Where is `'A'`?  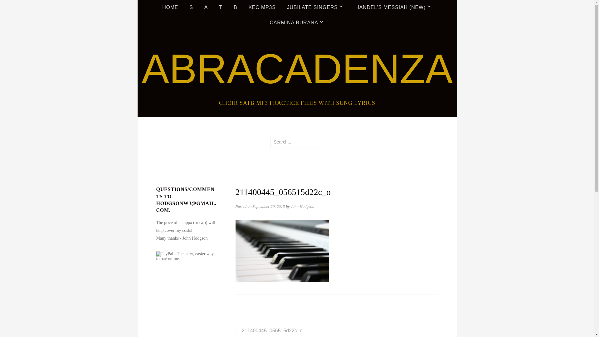
'A' is located at coordinates (206, 7).